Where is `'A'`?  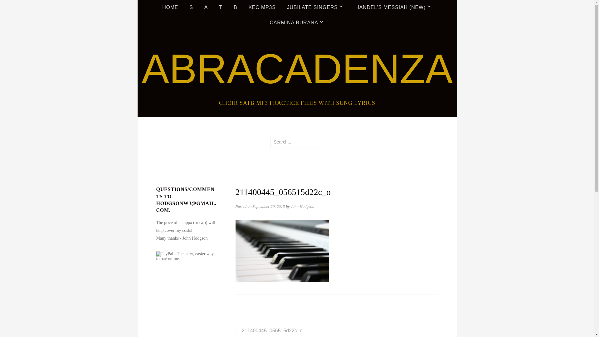
'A' is located at coordinates (206, 7).